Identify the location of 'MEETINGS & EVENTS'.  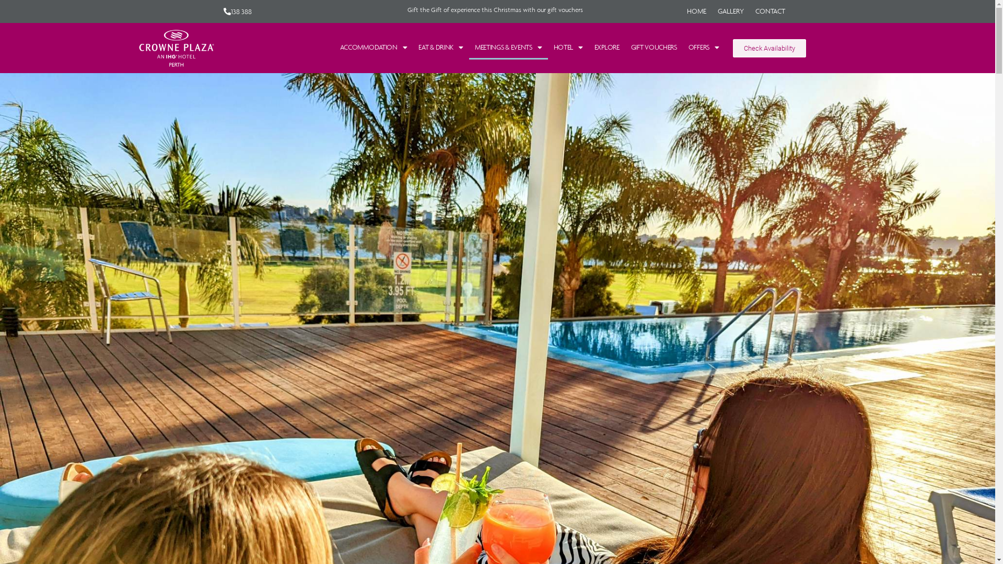
(508, 48).